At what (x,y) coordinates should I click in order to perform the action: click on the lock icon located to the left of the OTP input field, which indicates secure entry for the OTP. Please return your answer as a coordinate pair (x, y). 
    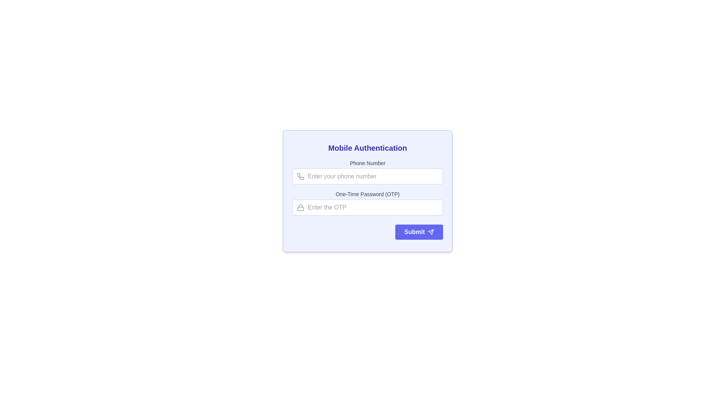
    Looking at the image, I should click on (300, 207).